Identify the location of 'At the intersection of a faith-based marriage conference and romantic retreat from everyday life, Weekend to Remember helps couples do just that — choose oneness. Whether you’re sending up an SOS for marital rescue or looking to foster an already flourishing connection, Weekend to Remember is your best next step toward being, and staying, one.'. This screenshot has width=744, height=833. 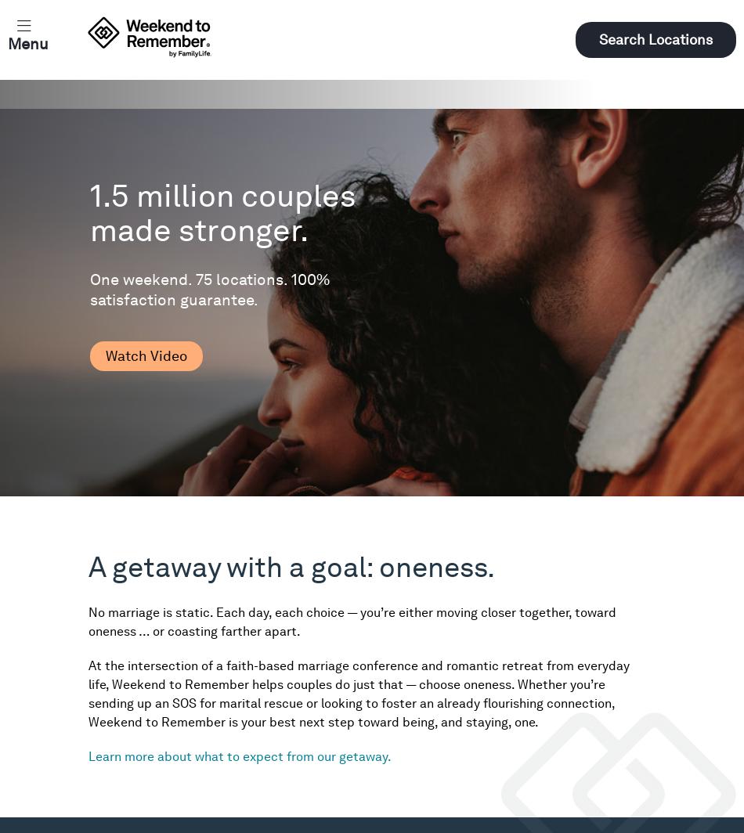
(358, 694).